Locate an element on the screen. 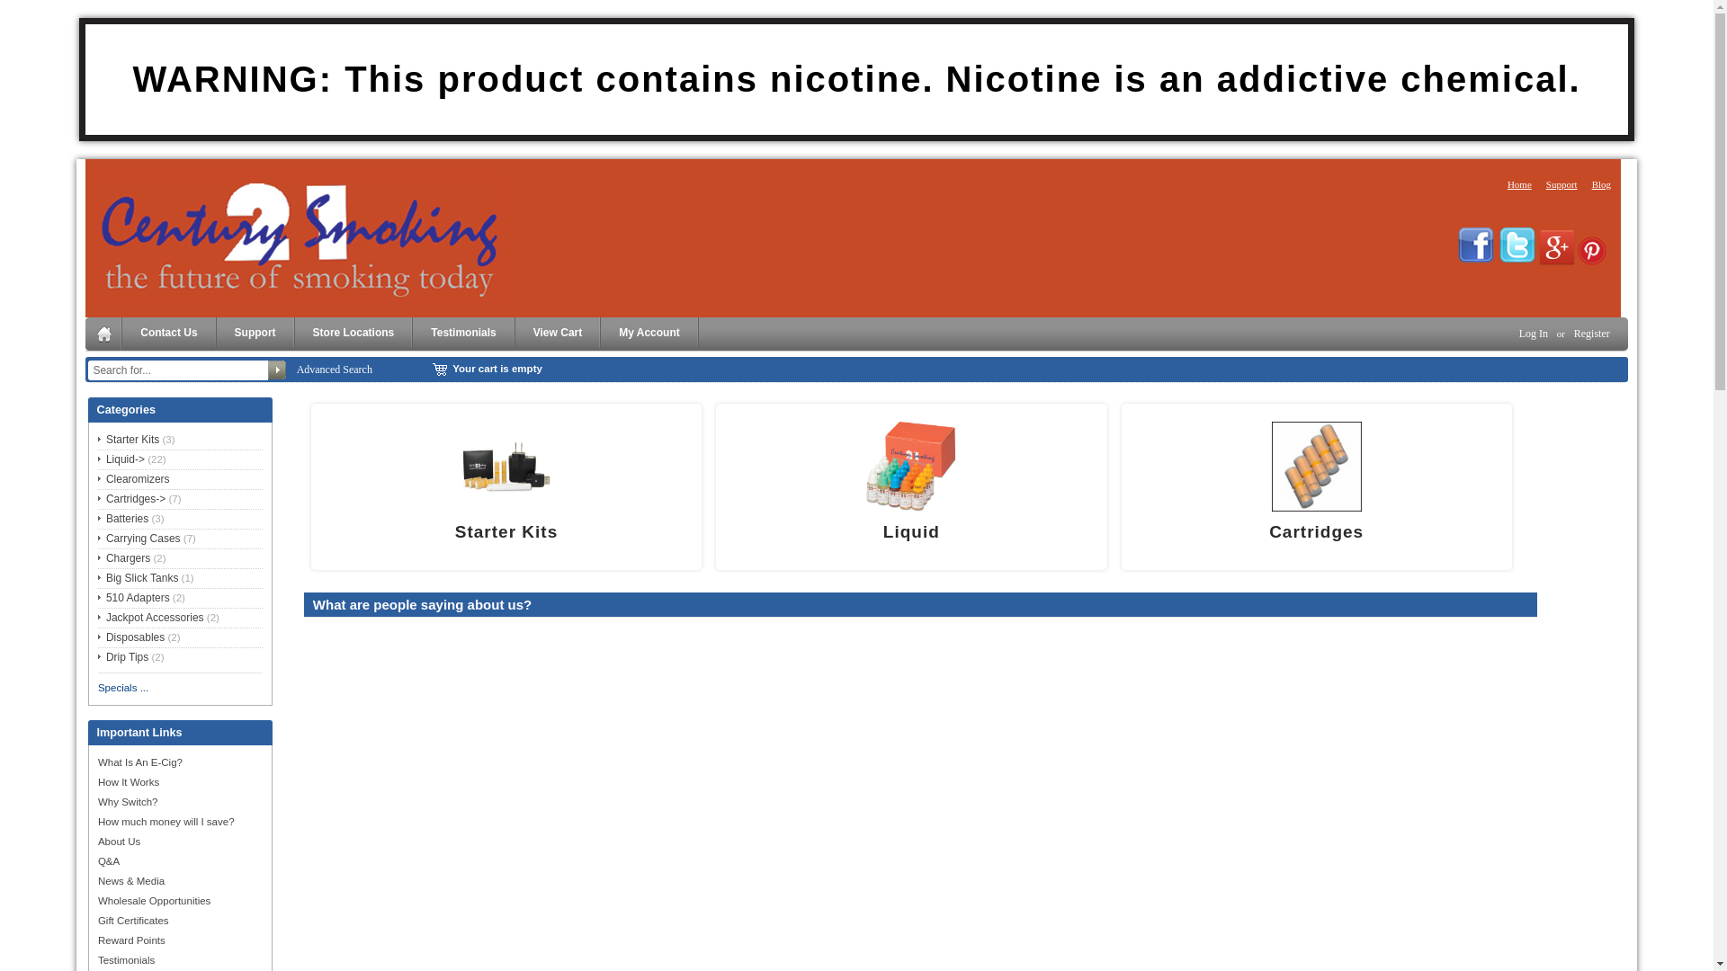  'Q&A' is located at coordinates (107, 860).